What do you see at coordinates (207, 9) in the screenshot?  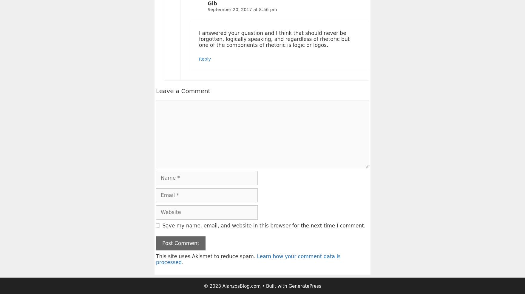 I see `'September 20, 2017 at 8:56 pm'` at bounding box center [207, 9].